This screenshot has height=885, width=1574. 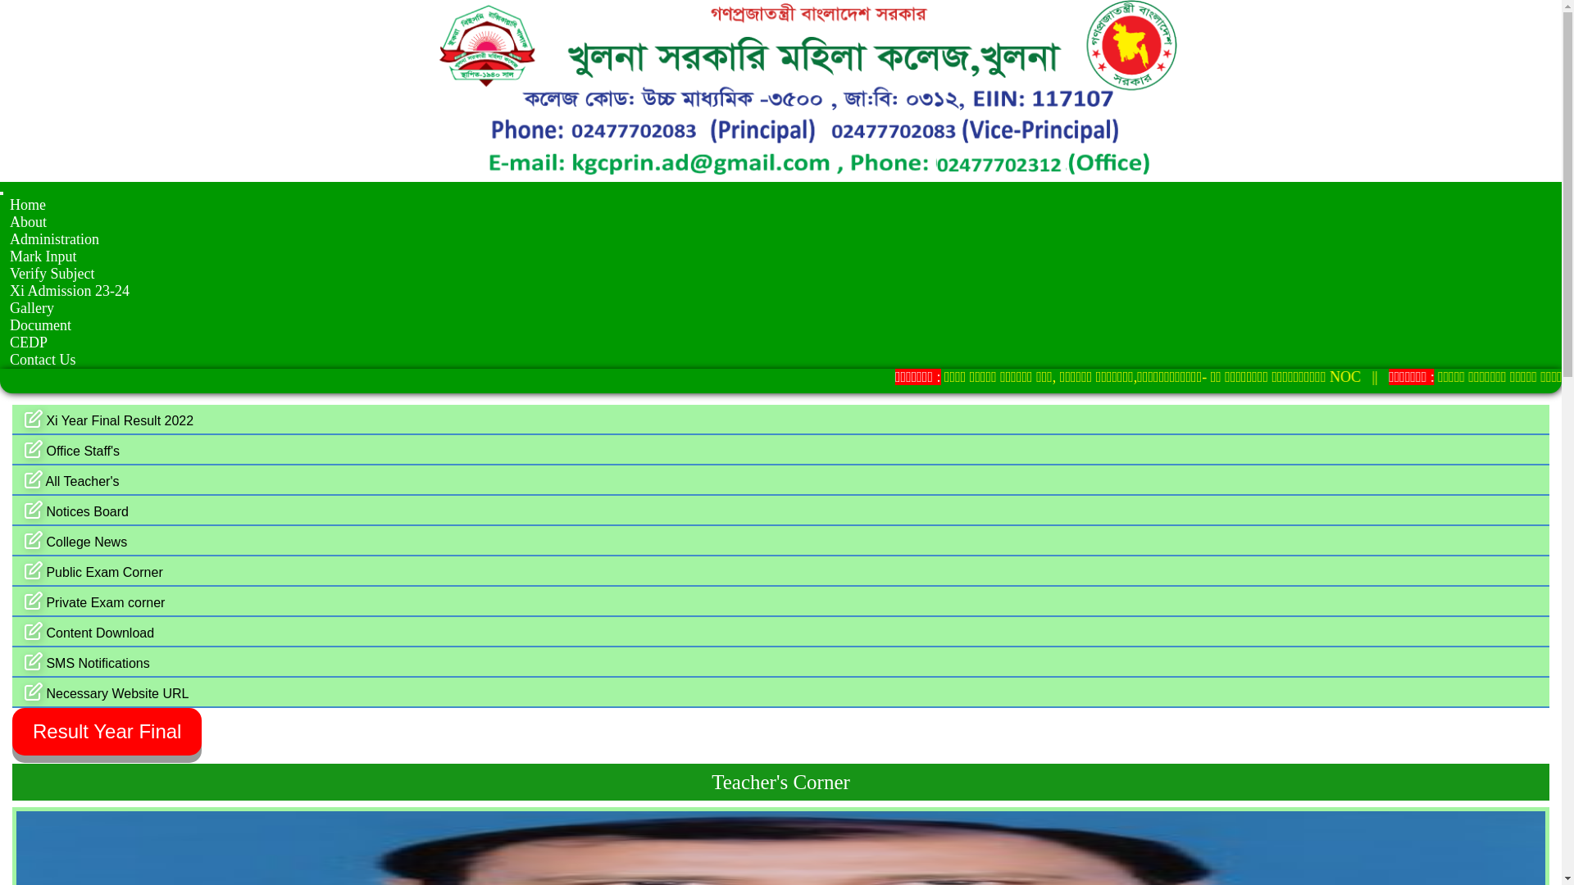 What do you see at coordinates (43, 359) in the screenshot?
I see `'Contact Us'` at bounding box center [43, 359].